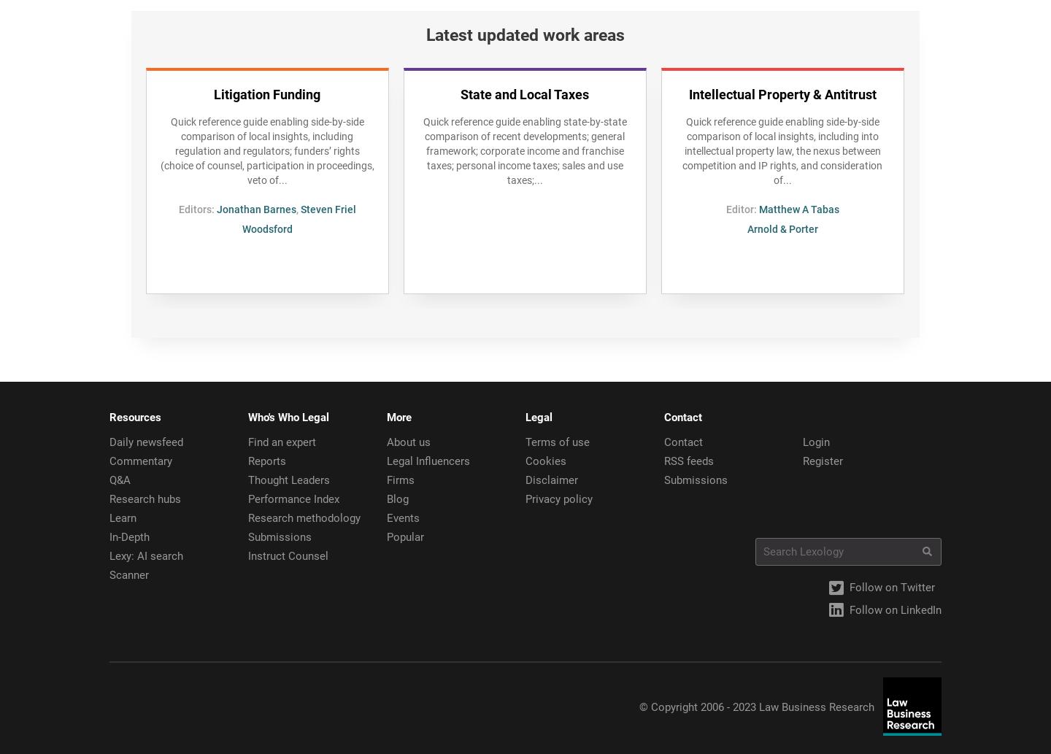 This screenshot has height=754, width=1051. What do you see at coordinates (398, 498) in the screenshot?
I see `'Blog'` at bounding box center [398, 498].